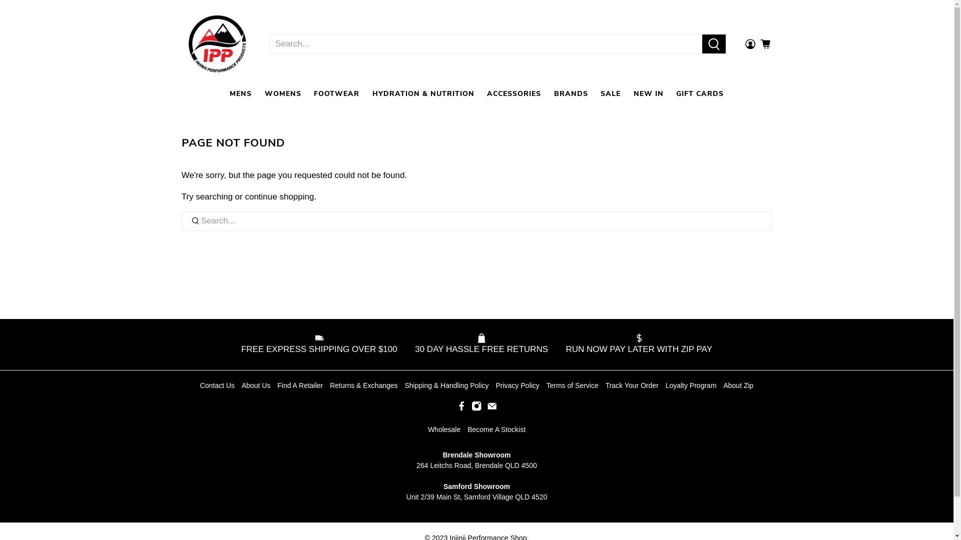 This screenshot has width=961, height=540. I want to click on 'Find A Retailer', so click(299, 385).